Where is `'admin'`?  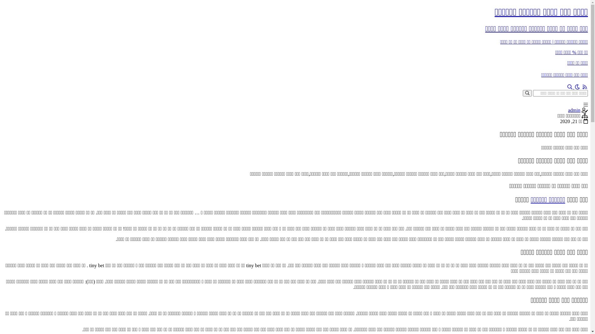 'admin' is located at coordinates (574, 110).